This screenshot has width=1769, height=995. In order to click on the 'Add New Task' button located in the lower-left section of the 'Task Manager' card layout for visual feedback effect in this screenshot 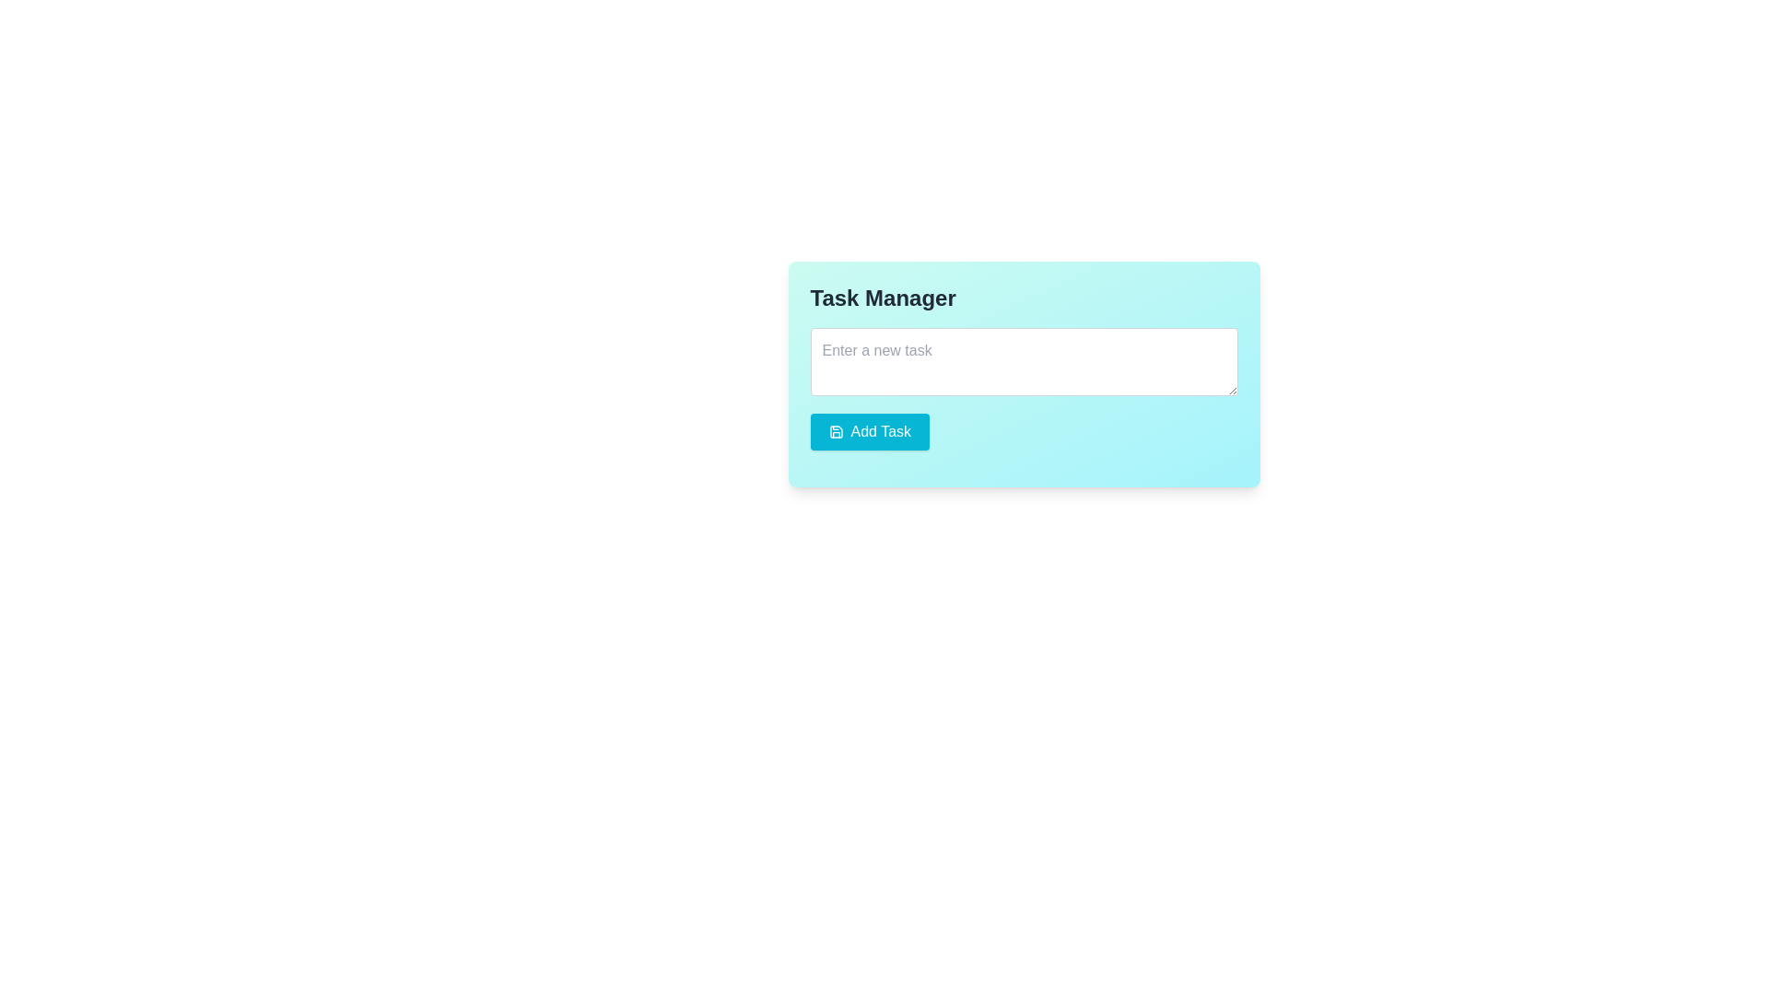, I will do `click(869, 432)`.